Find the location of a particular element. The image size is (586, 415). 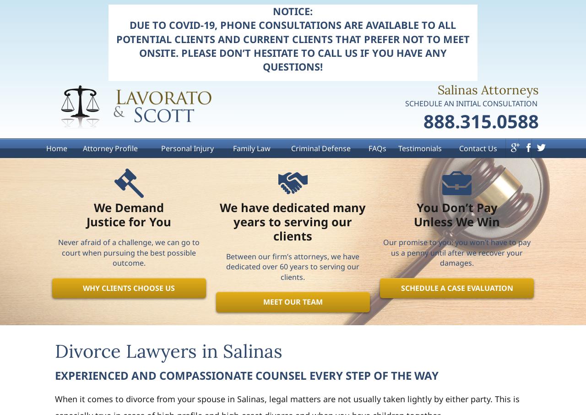

'Meet Our Team' is located at coordinates (262, 301).